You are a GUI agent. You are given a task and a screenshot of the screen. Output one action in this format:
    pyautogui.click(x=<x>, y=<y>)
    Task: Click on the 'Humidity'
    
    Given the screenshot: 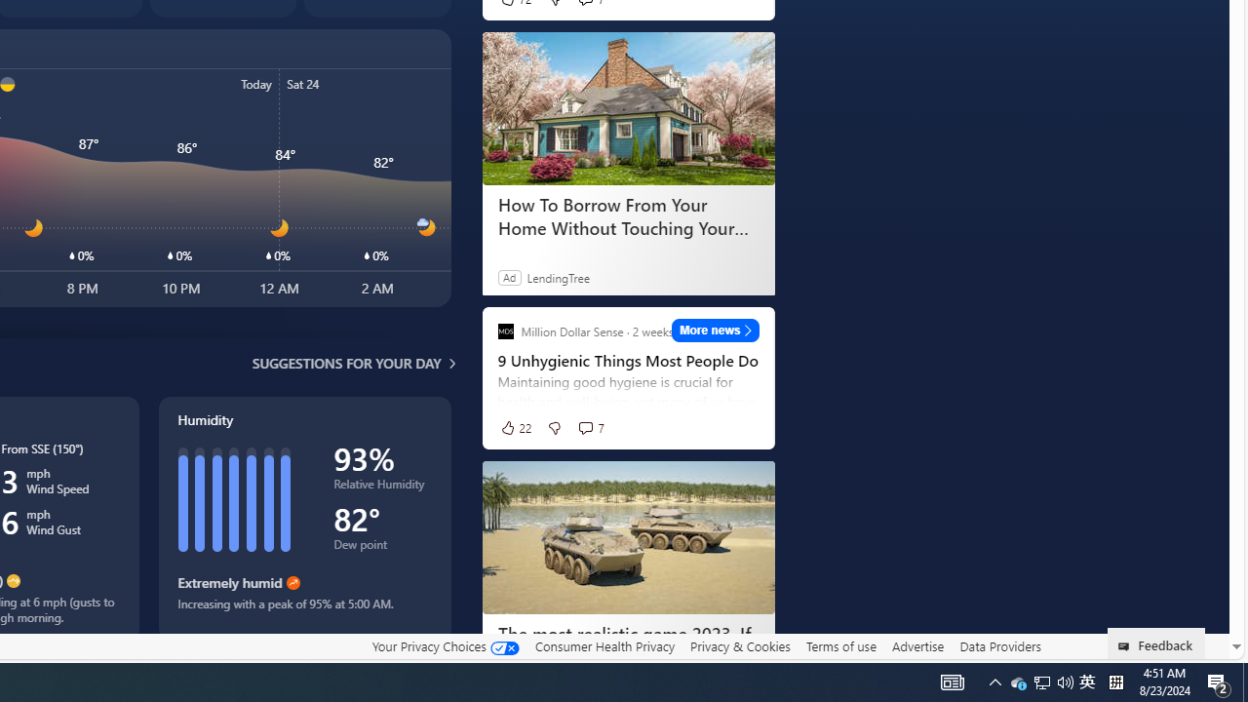 What is the action you would take?
    pyautogui.click(x=303, y=517)
    